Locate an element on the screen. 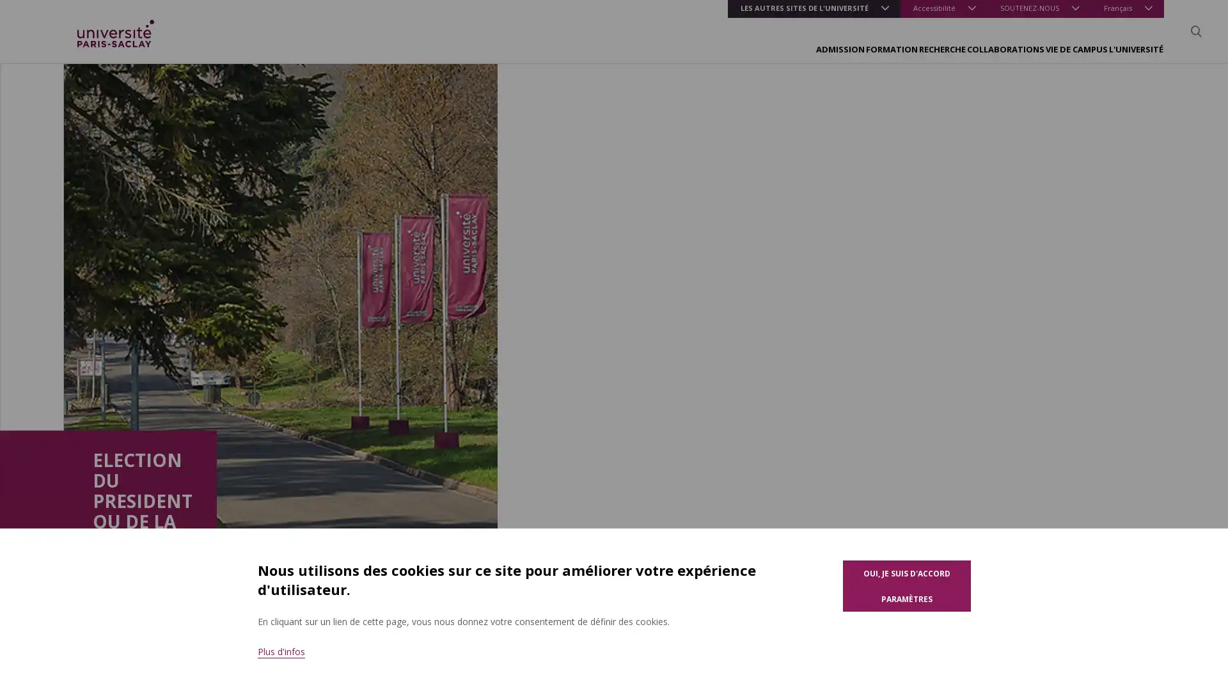 Image resolution: width=1228 pixels, height=691 pixels. FORMATION is located at coordinates (725, 44).